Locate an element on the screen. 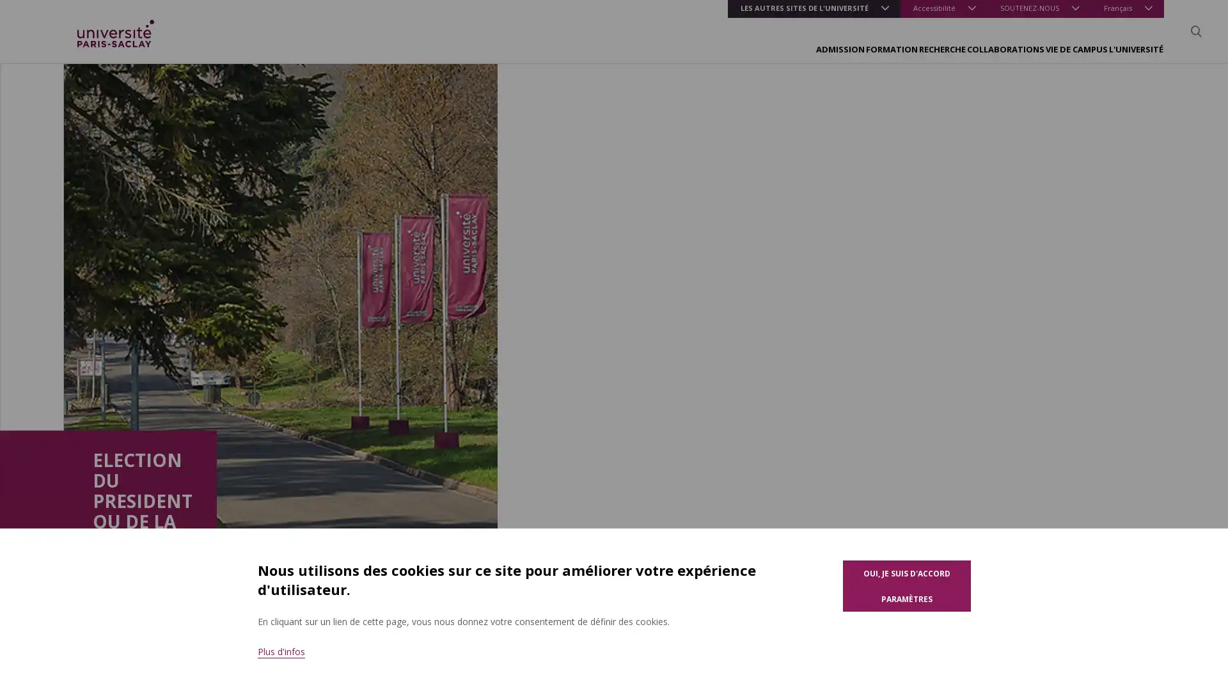 Image resolution: width=1228 pixels, height=691 pixels. FORMATION is located at coordinates (725, 44).